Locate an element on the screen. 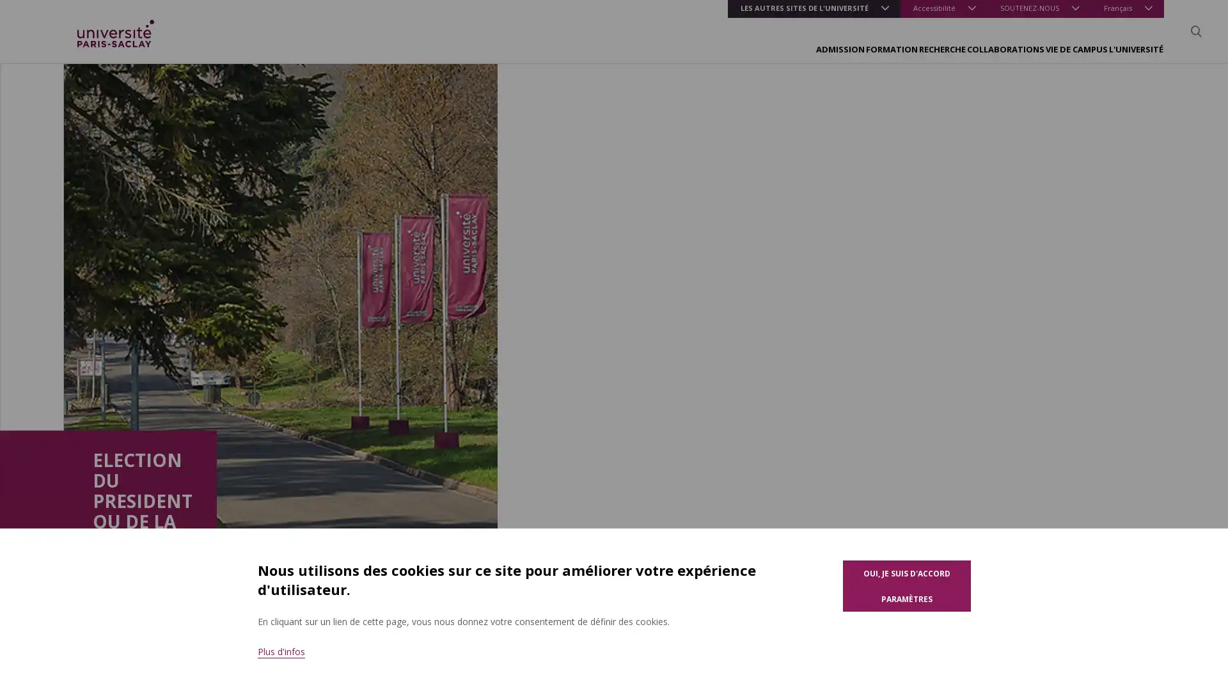 Image resolution: width=1228 pixels, height=691 pixels. FORMATION is located at coordinates (725, 44).